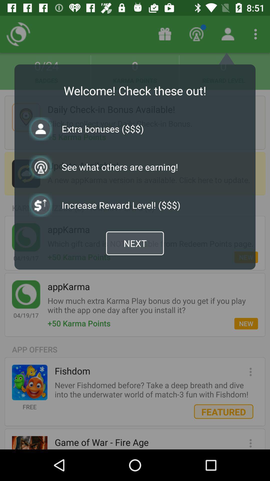  I want to click on the next, so click(135, 243).